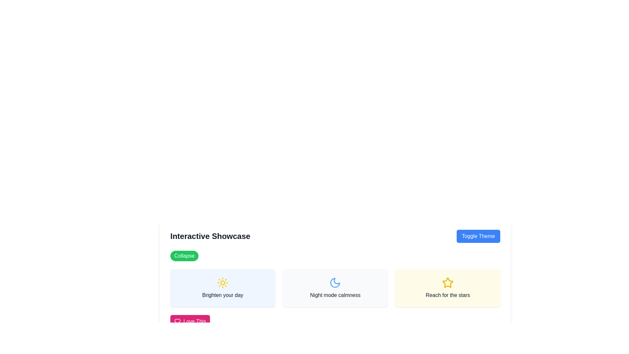 This screenshot has height=354, width=629. Describe the element at coordinates (478, 236) in the screenshot. I see `the rectangular button with rounded corners that has a blue background and white text reading 'Toggle Theme'` at that location.